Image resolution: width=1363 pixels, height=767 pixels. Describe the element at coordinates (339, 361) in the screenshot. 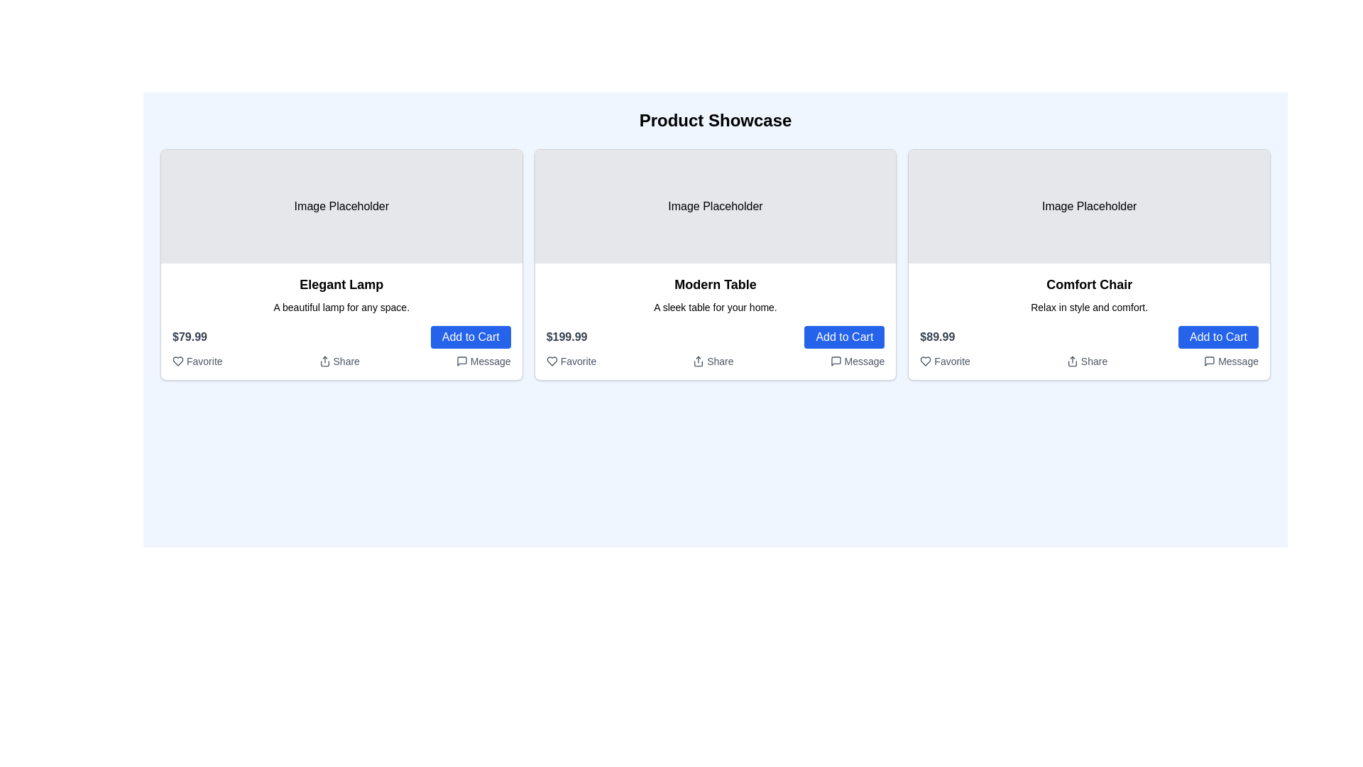

I see `the 'Share' button, which is centrally placed in the bottom section of the 'Elegant Lamp' product card` at that location.